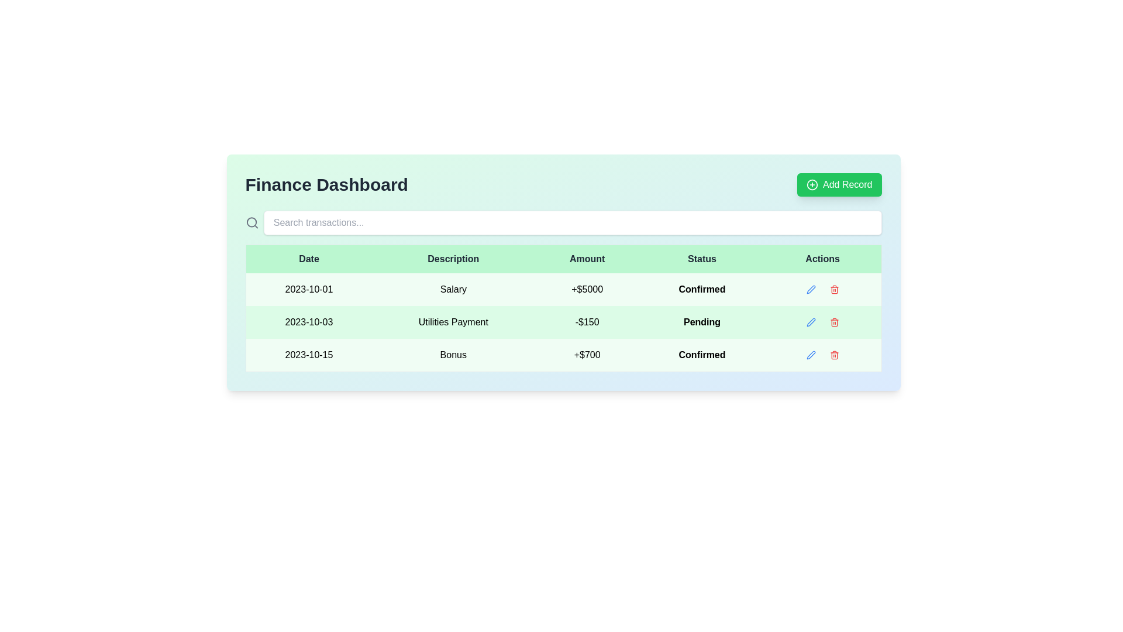 This screenshot has width=1123, height=632. What do you see at coordinates (453, 289) in the screenshot?
I see `the 'Salary' text label located in the second column of the second row in the data grid` at bounding box center [453, 289].